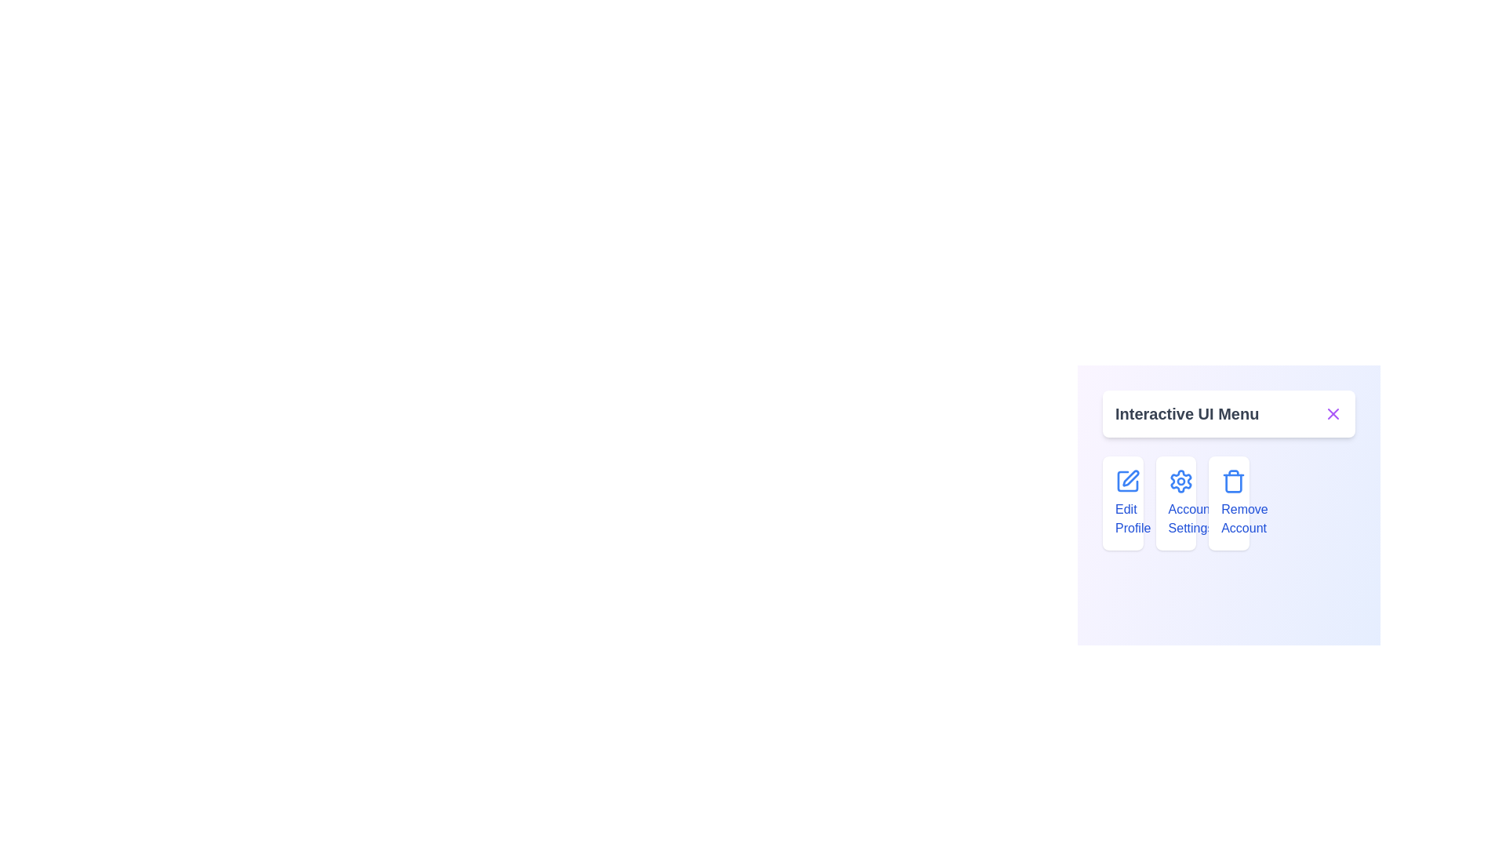 The image size is (1506, 847). Describe the element at coordinates (1176, 503) in the screenshot. I see `the 'Account Settings' menu item` at that location.